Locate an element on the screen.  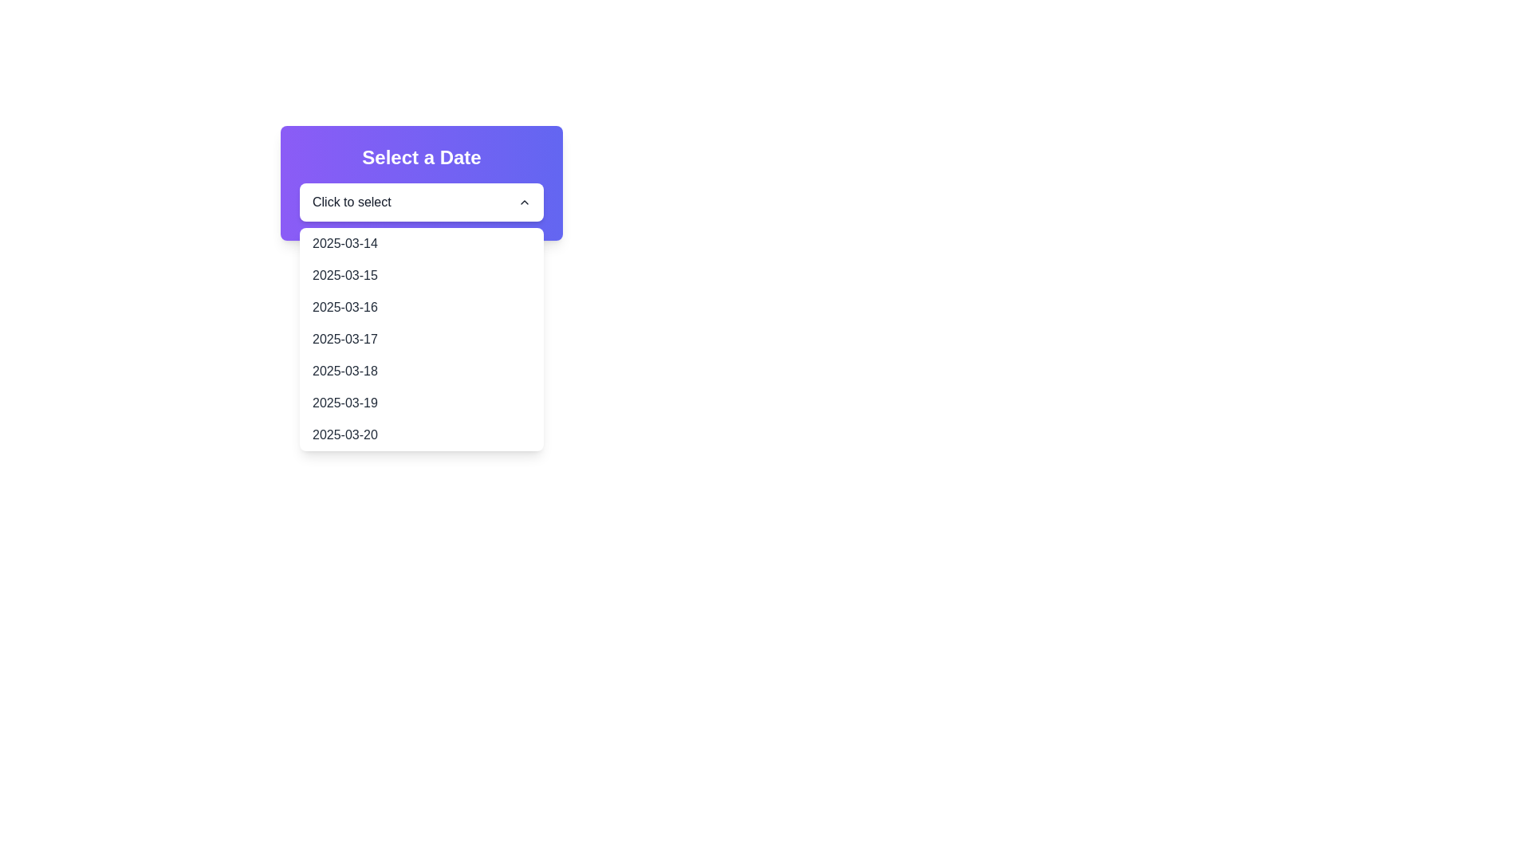
the sixth item in the dropdown menu is located at coordinates (421, 402).